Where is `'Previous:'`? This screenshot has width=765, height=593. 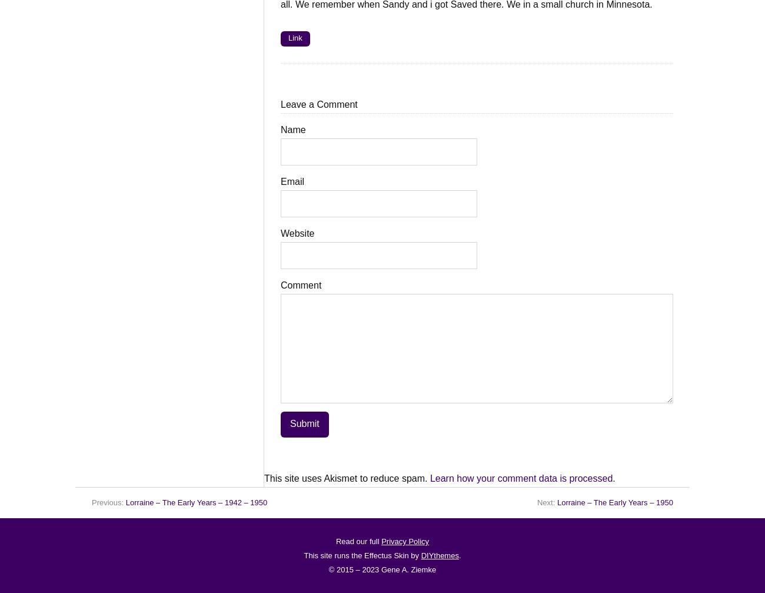 'Previous:' is located at coordinates (108, 502).